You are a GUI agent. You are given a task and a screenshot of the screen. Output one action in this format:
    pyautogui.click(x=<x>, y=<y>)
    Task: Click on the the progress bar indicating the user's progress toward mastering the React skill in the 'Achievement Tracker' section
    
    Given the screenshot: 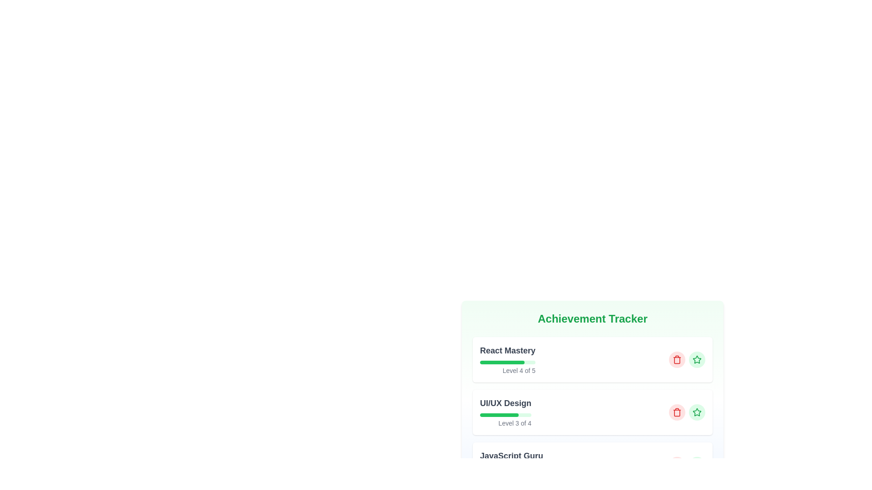 What is the action you would take?
    pyautogui.click(x=501, y=362)
    